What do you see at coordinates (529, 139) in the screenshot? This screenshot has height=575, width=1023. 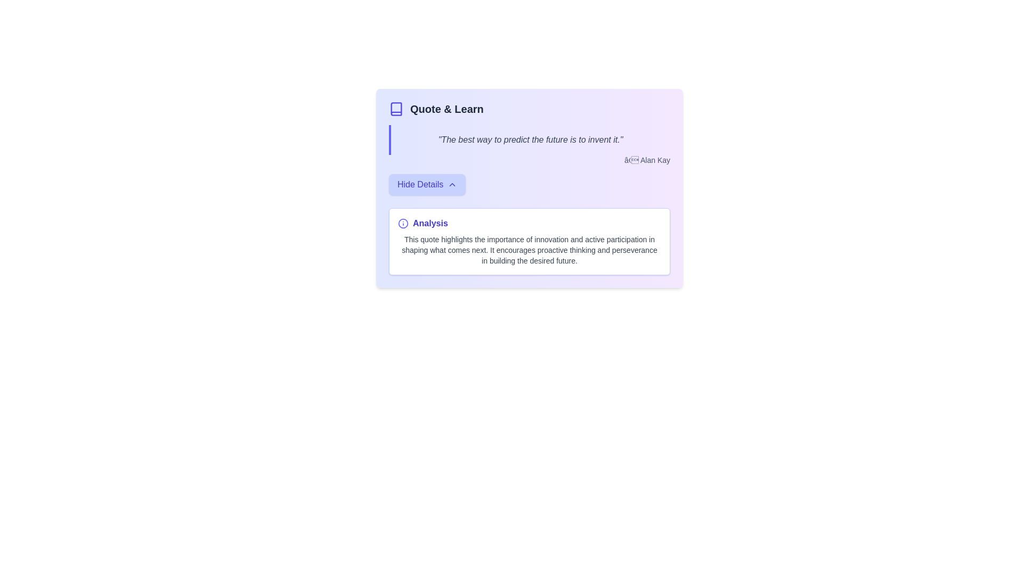 I see `the motivational quote text located in the centered card layout directly beneath the section title 'Quote & Learn.'` at bounding box center [529, 139].